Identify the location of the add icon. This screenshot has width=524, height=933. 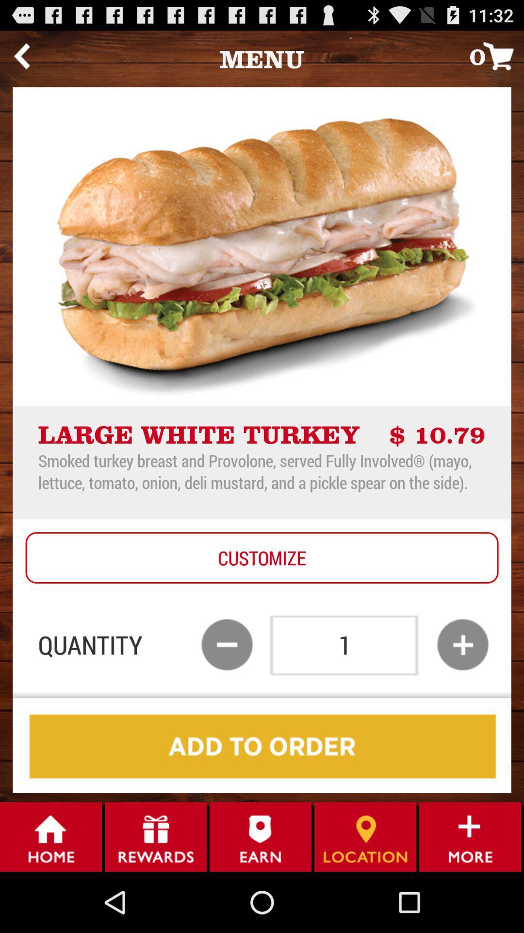
(462, 689).